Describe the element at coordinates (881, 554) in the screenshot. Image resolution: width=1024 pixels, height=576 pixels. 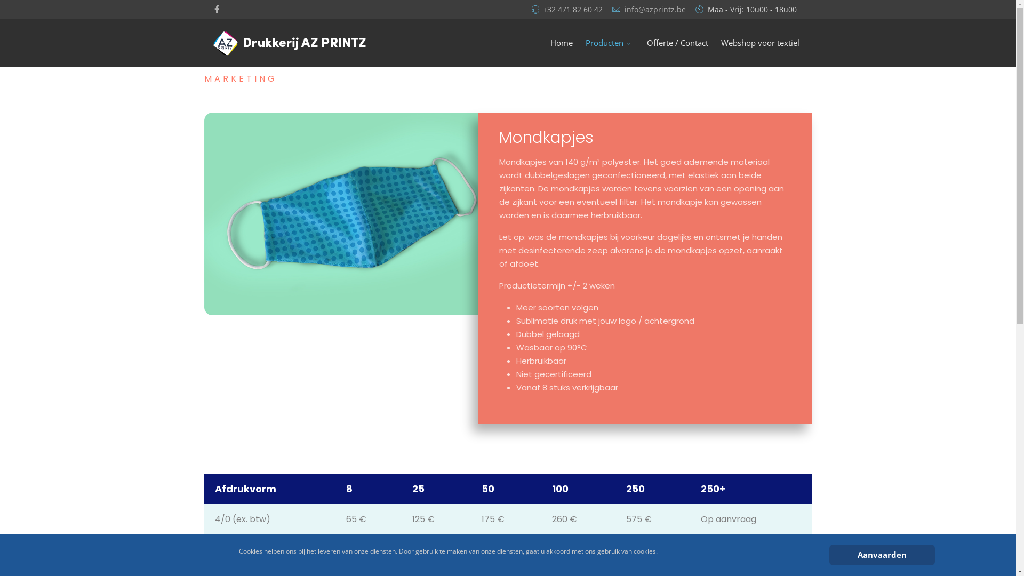
I see `'Aanvaarden'` at that location.